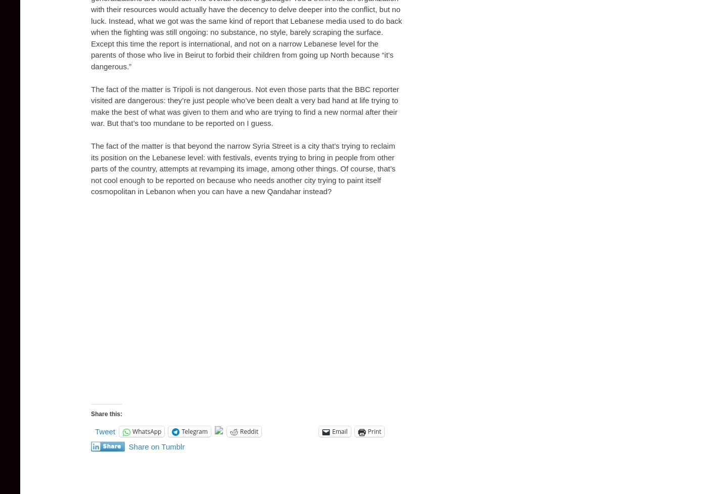 The height and width of the screenshot is (494, 728). What do you see at coordinates (244, 105) in the screenshot?
I see `'The fact of the matter is Tripoli is not dangerous. Not even those parts that the BBC reporter visited are dangerous: they’re just people who’ve been dealt a very bad hand at life trying to make the best of what was given to them and who are trying to find a new normal after their war. But that’s too mundane to be reported on I guess.'` at bounding box center [244, 105].